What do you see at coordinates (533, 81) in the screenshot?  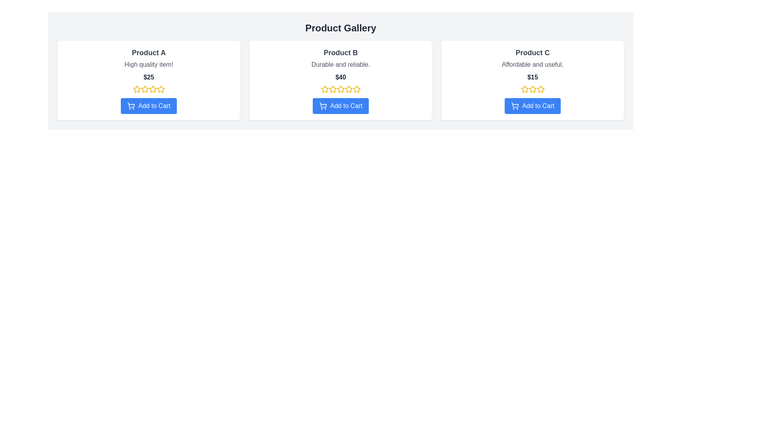 I see `the Product Card, which is the third card in a row of three within the 'Product Gallery' section, aligned to the right of the group` at bounding box center [533, 81].